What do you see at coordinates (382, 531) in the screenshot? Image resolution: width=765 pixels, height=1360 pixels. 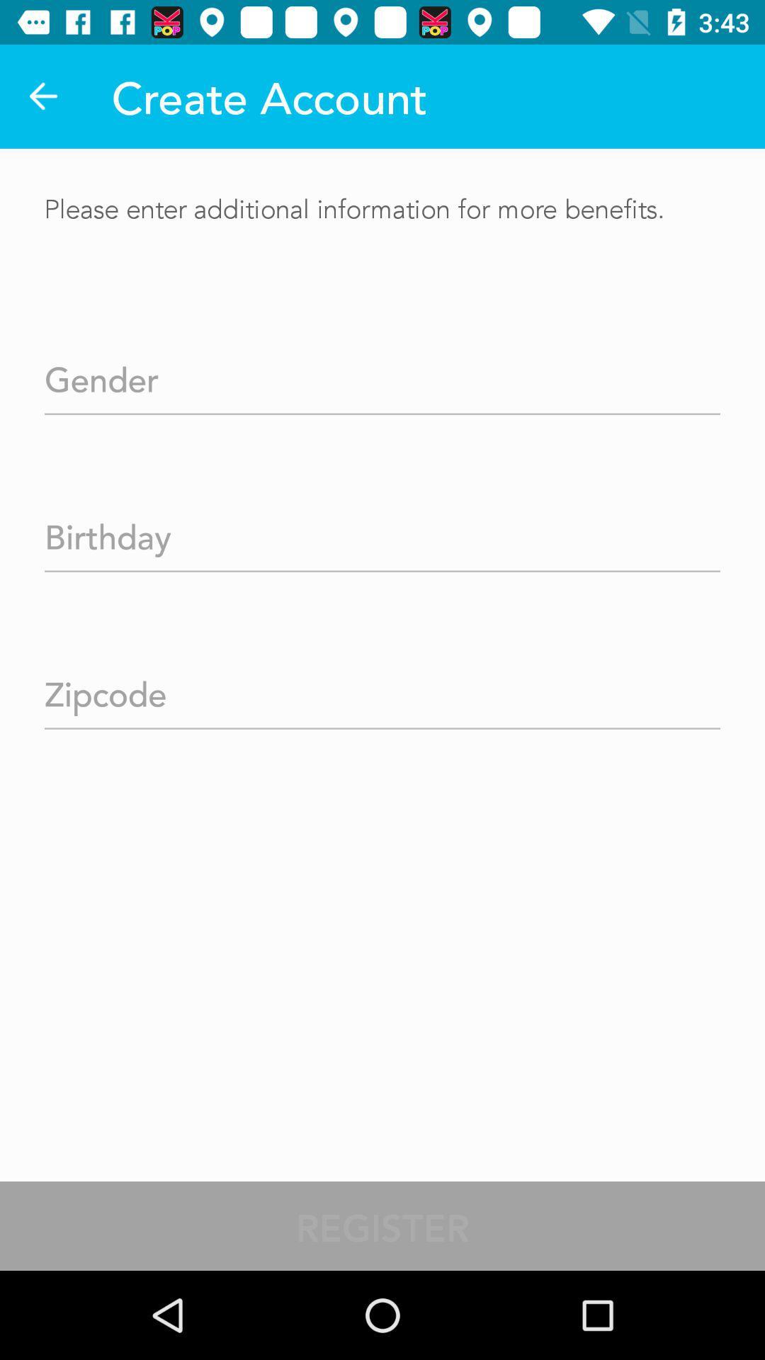 I see `your birthday` at bounding box center [382, 531].